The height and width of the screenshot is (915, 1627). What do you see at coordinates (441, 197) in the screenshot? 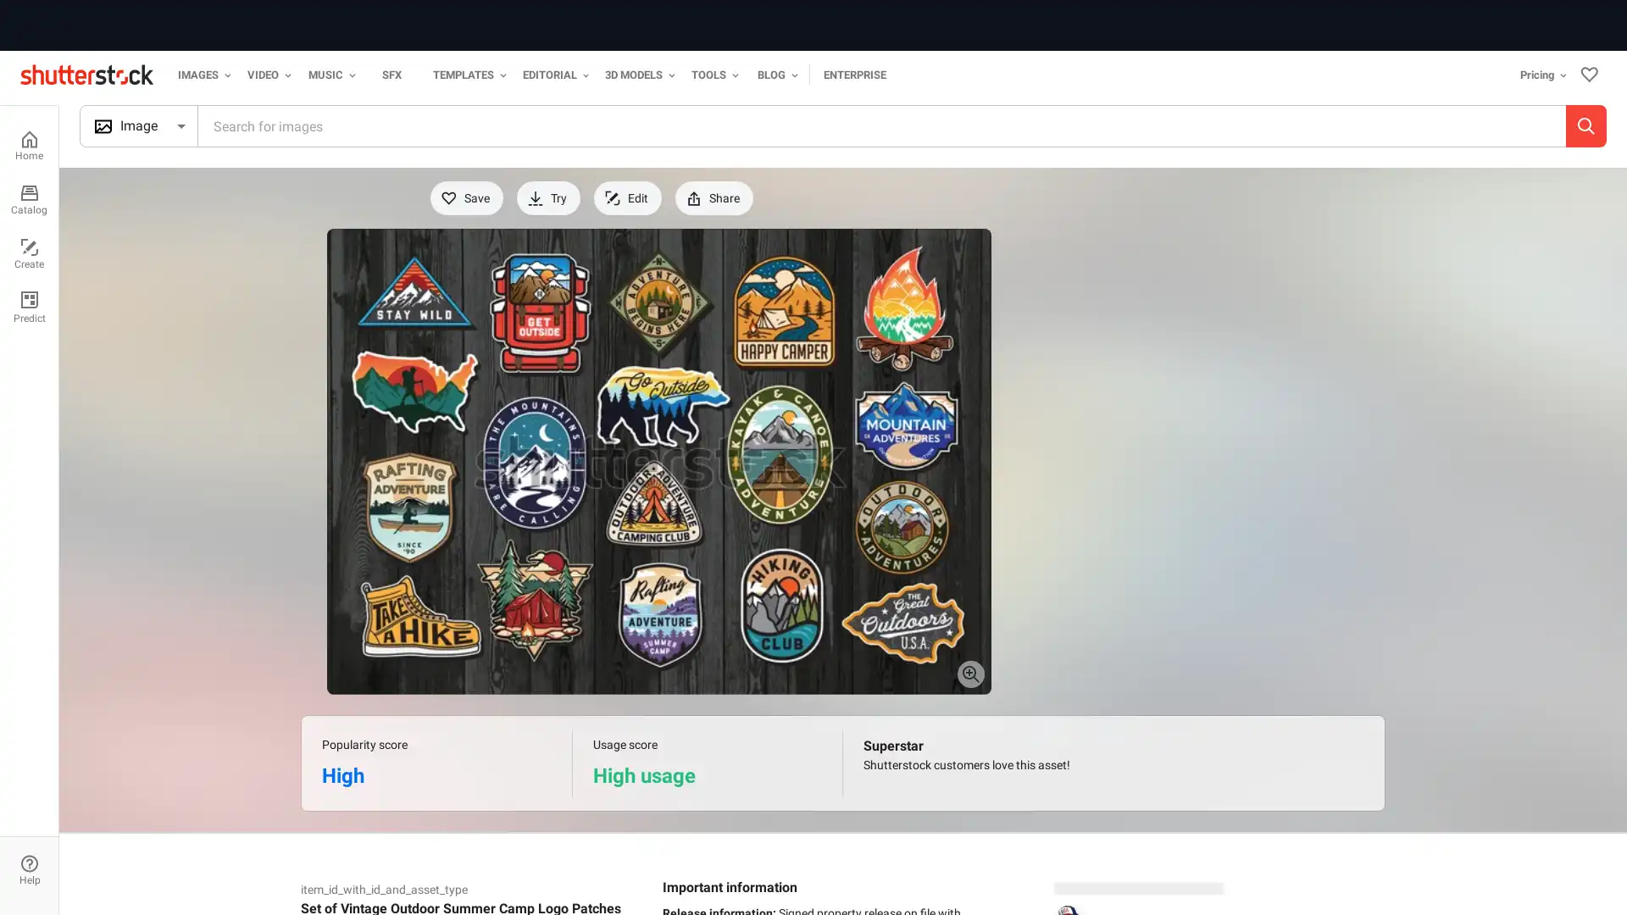
I see `Save` at bounding box center [441, 197].